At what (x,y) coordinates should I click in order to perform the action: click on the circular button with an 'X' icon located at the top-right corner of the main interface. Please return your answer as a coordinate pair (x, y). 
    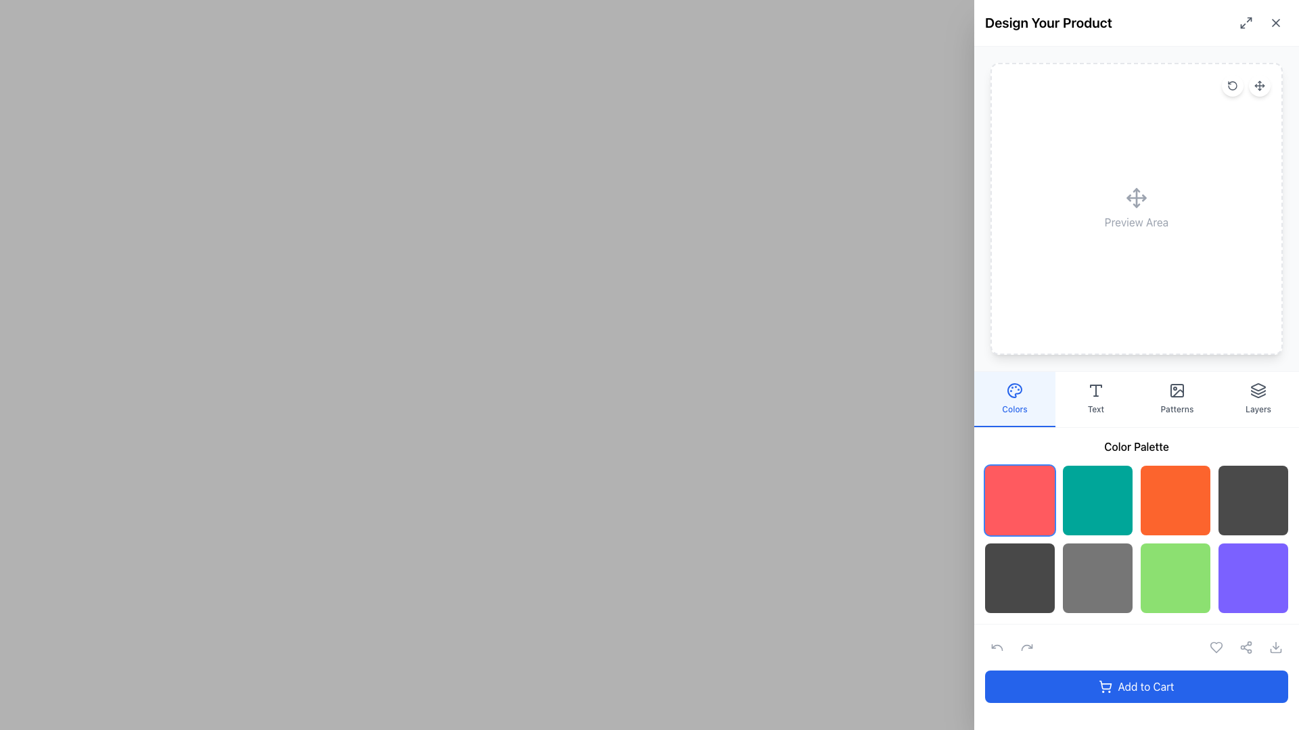
    Looking at the image, I should click on (1275, 23).